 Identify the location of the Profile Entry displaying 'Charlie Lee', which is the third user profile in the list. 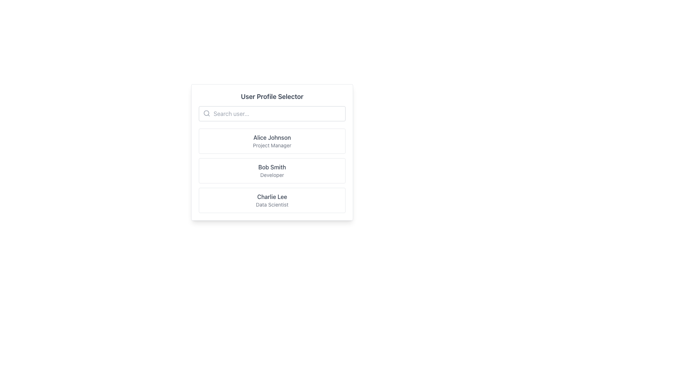
(272, 200).